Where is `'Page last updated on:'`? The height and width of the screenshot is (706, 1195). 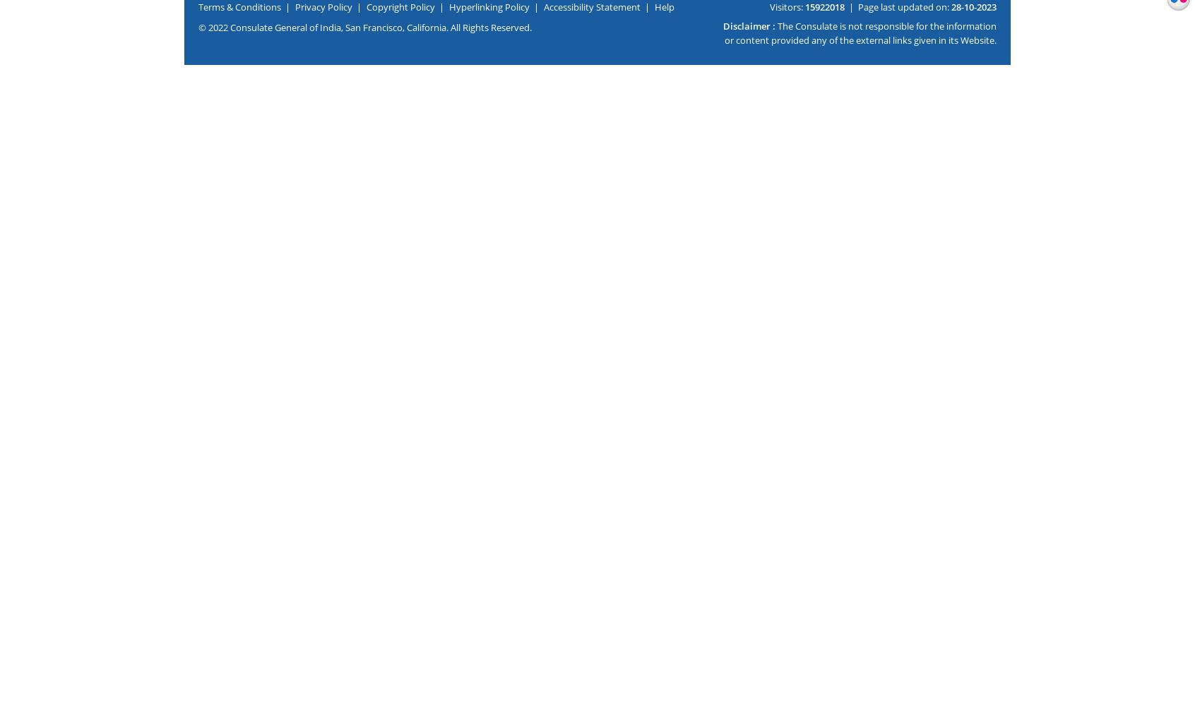 'Page last updated on:' is located at coordinates (904, 6).